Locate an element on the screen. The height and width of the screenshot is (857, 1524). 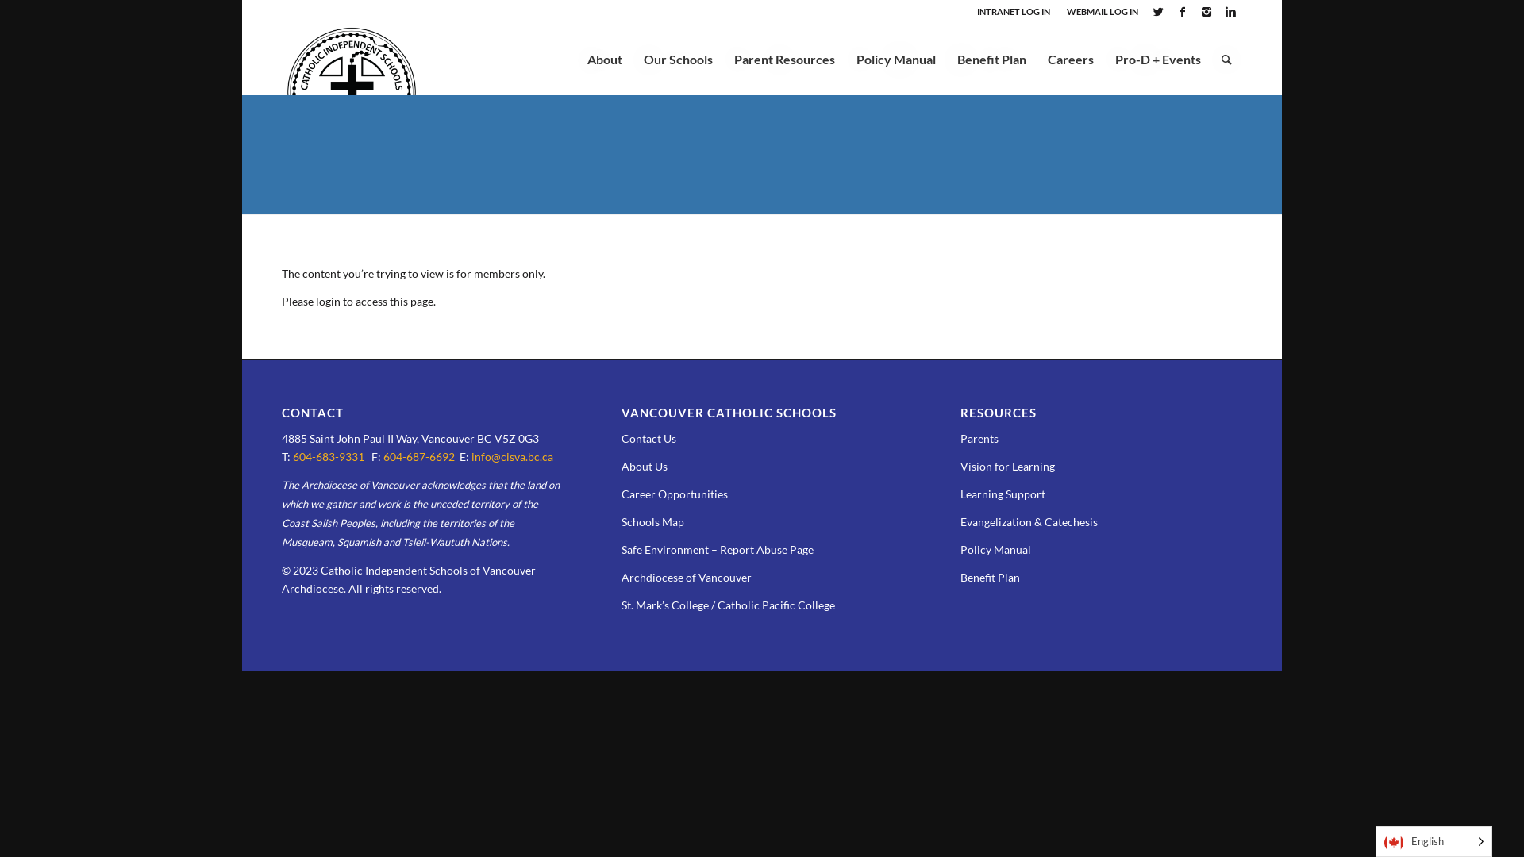
'Home' is located at coordinates (295, 95).